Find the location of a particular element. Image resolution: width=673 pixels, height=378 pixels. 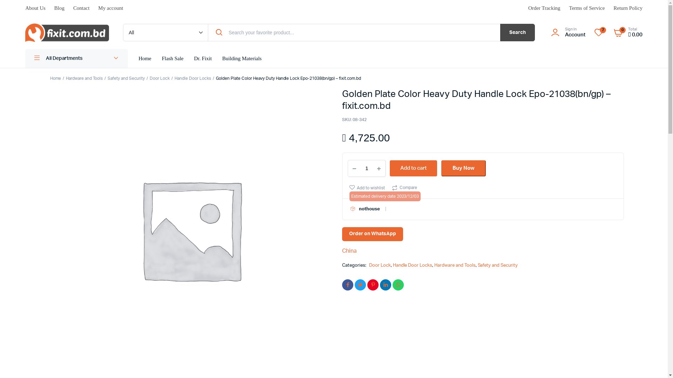

'Door Lock' is located at coordinates (159, 78).